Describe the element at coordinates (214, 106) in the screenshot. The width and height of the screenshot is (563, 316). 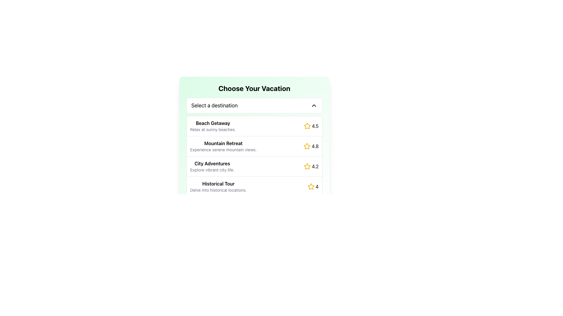
I see `the dropdown associated with the 'Choose Your Vacation' label` at that location.